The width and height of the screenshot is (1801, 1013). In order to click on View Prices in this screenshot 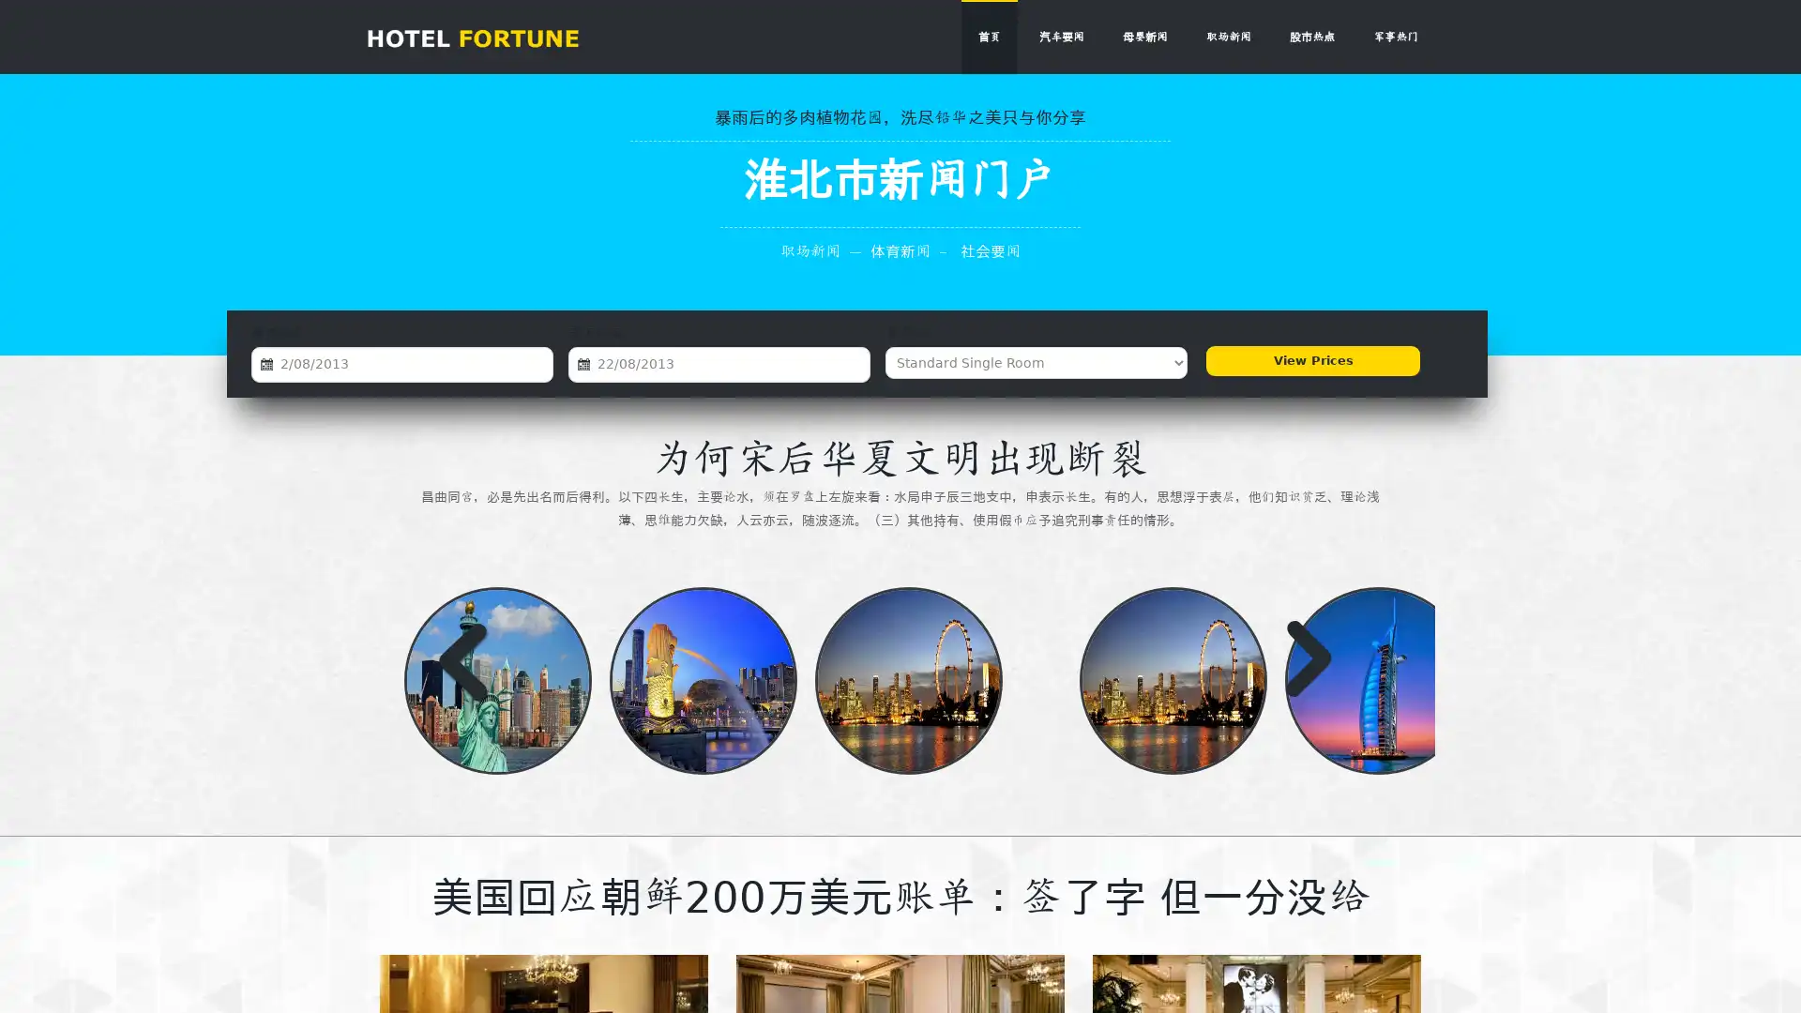, I will do `click(1308, 362)`.